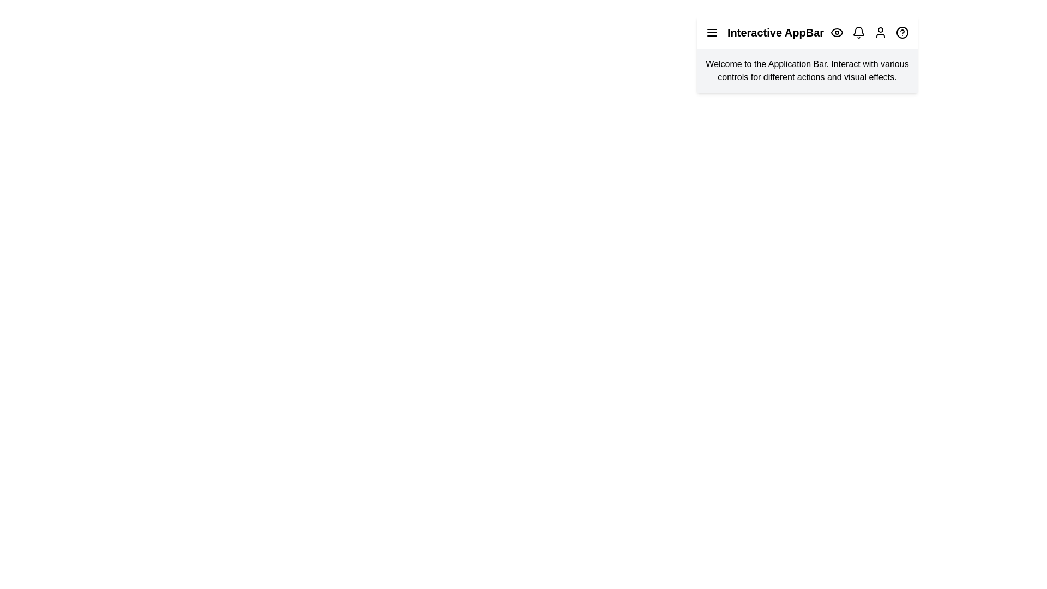 The image size is (1047, 589). Describe the element at coordinates (837, 32) in the screenshot. I see `the theme toggle button (Eye icon) to switch the theme` at that location.